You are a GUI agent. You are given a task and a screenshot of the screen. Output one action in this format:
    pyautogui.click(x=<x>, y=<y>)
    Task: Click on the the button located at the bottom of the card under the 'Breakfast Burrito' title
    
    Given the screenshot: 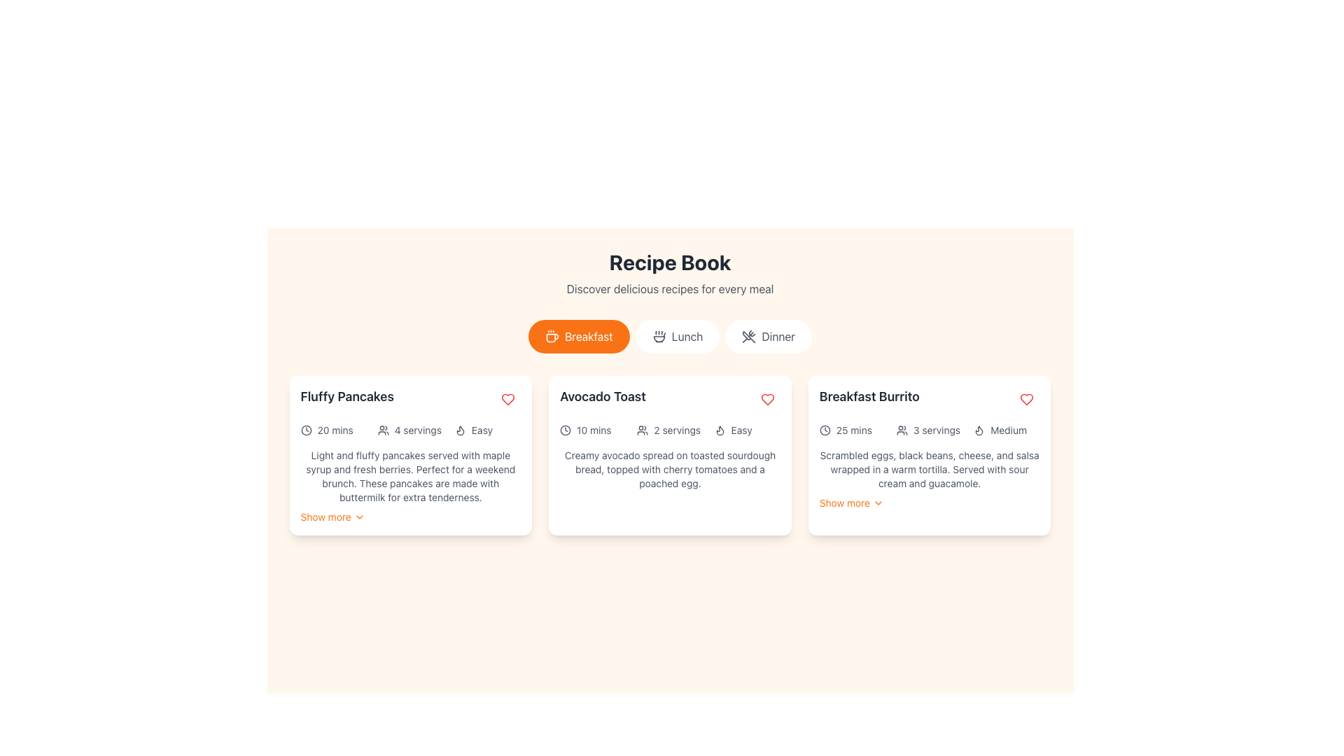 What is the action you would take?
    pyautogui.click(x=850, y=502)
    